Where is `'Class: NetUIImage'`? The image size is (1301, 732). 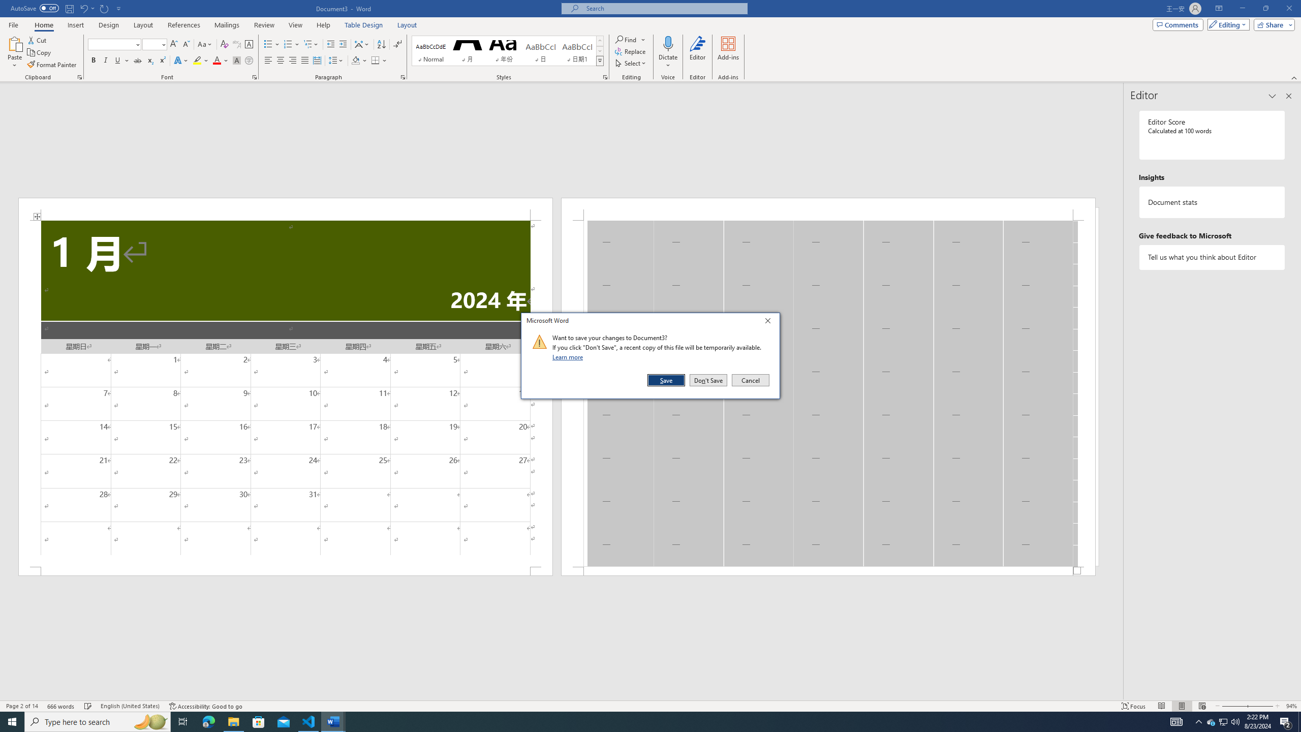
'Class: NetUIImage' is located at coordinates (539, 341).